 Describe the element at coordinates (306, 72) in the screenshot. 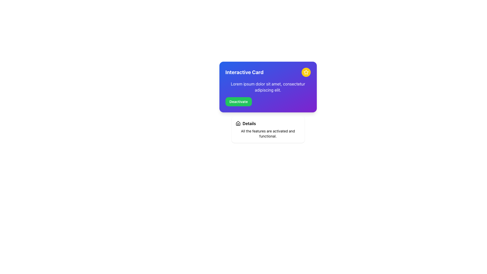

I see `the icon located in the top-right corner of the purple 'Interactive Card', which is inside a circular yellow background` at that location.